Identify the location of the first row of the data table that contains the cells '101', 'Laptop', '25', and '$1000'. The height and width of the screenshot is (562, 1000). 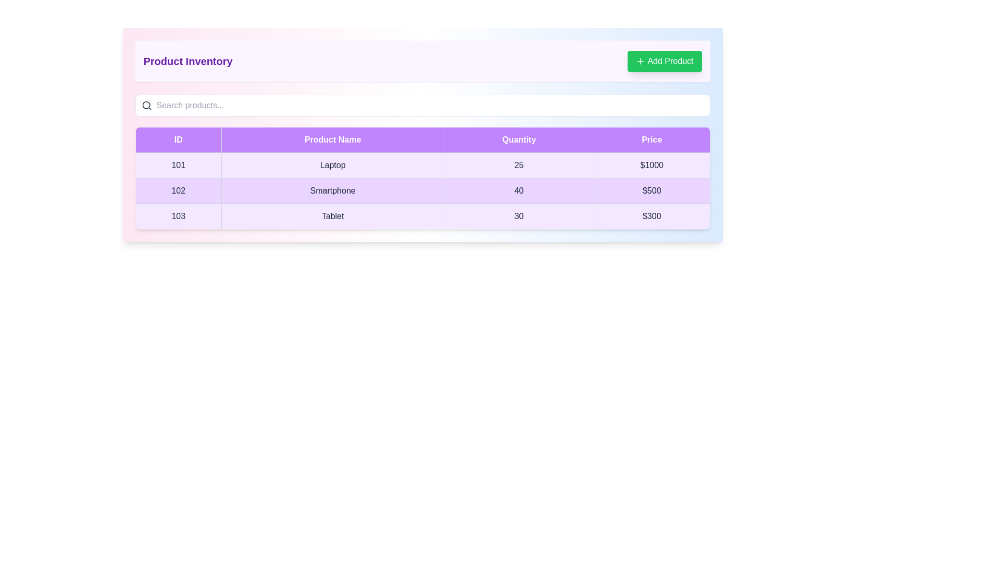
(422, 164).